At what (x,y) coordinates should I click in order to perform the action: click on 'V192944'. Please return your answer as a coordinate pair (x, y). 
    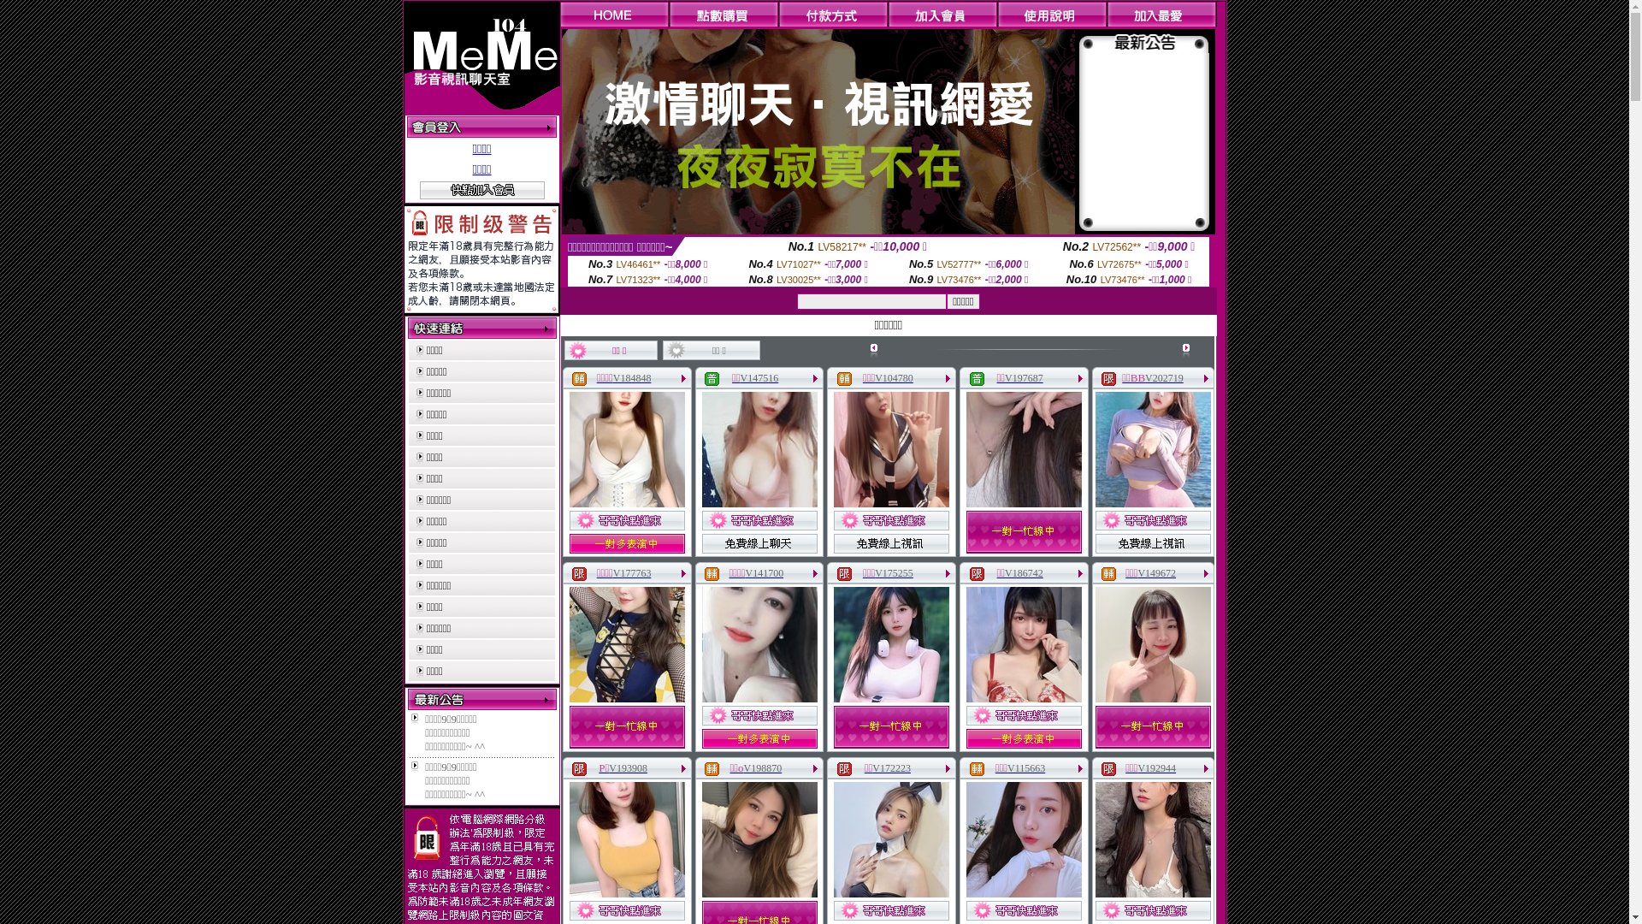
    Looking at the image, I should click on (1156, 767).